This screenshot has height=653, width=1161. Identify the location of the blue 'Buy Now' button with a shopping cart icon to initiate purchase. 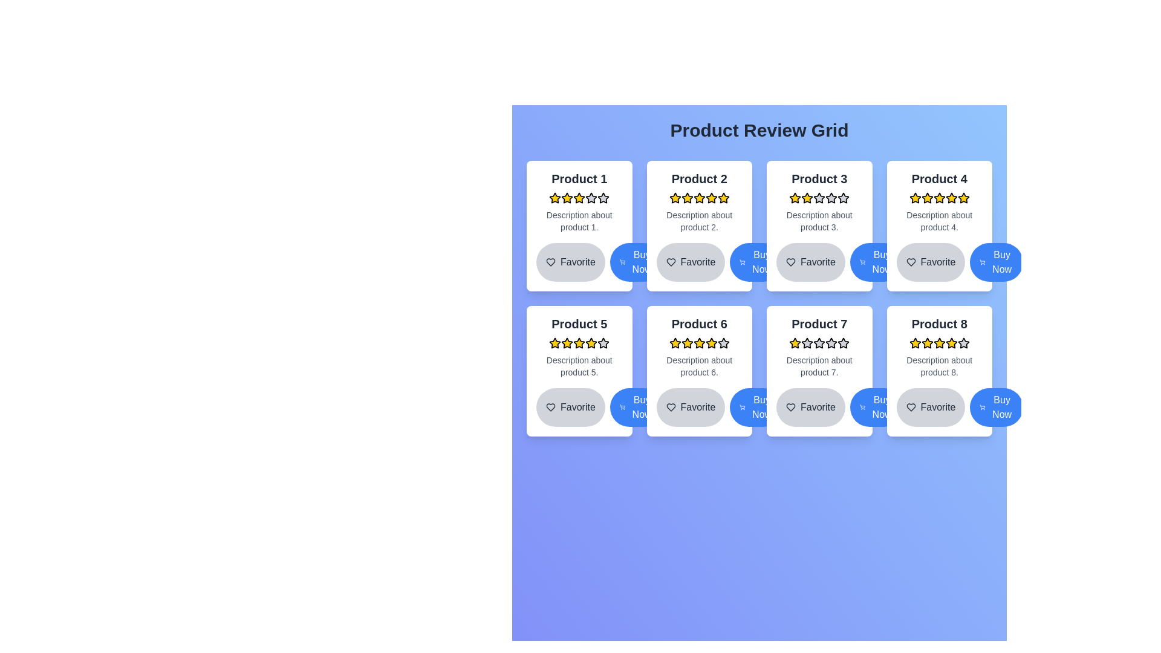
(756, 262).